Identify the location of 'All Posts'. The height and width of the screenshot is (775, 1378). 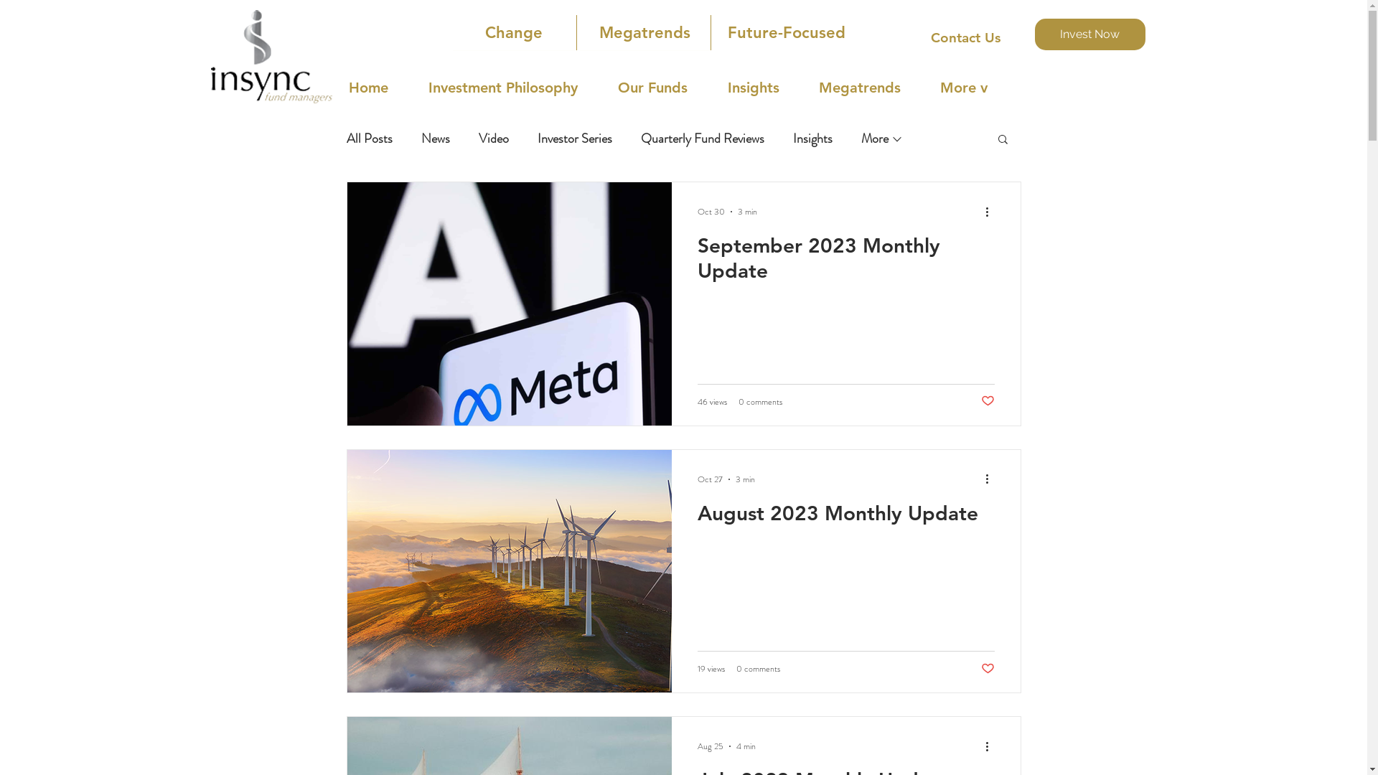
(368, 138).